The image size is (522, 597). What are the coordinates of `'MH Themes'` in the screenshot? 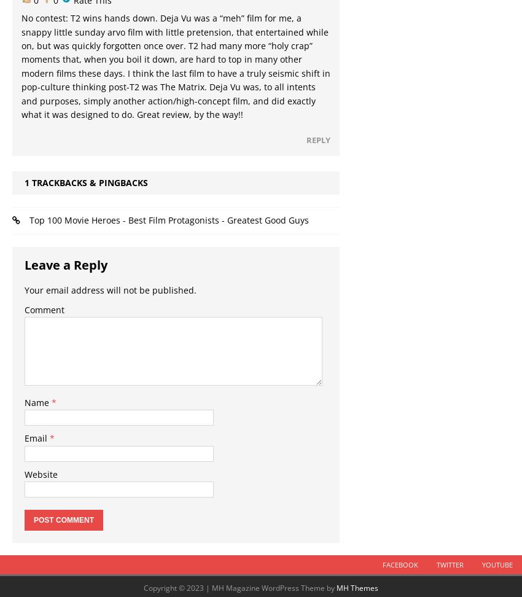 It's located at (335, 587).